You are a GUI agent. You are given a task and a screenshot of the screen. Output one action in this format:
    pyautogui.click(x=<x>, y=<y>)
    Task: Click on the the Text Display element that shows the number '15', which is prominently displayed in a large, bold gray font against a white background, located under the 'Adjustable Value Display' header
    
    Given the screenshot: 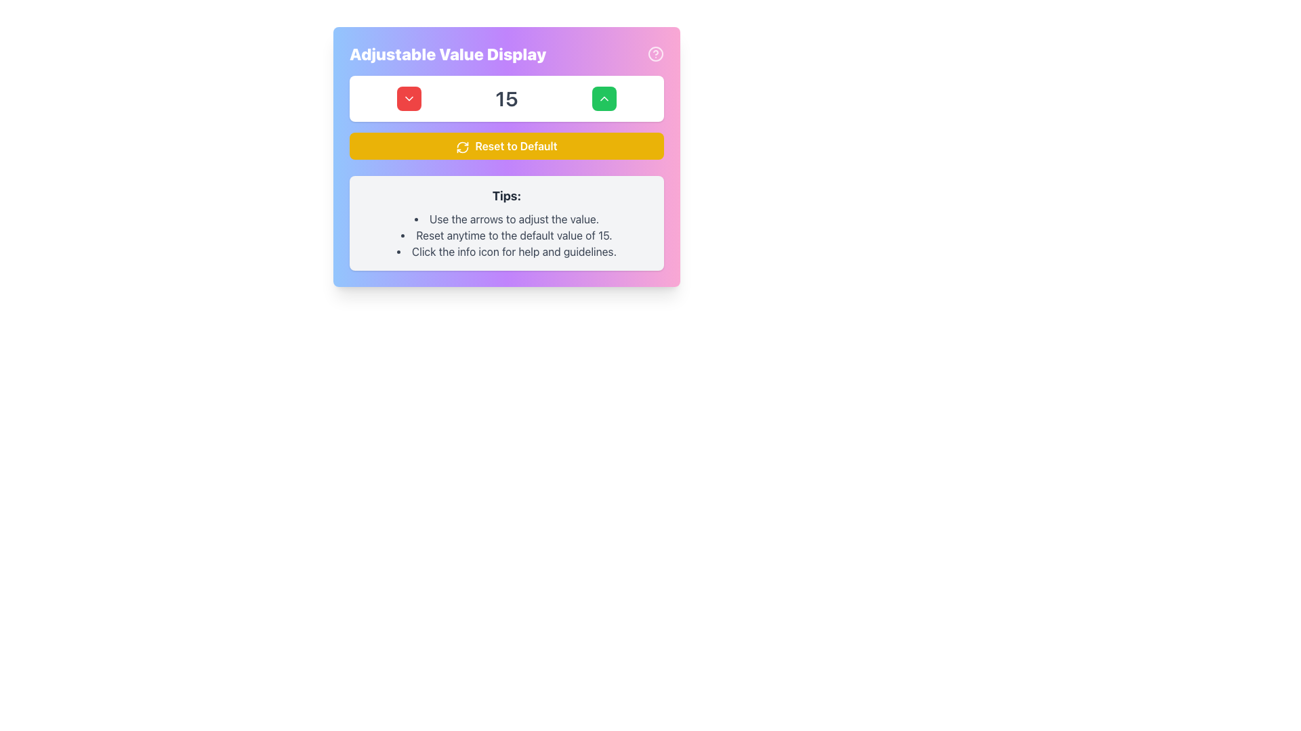 What is the action you would take?
    pyautogui.click(x=506, y=98)
    